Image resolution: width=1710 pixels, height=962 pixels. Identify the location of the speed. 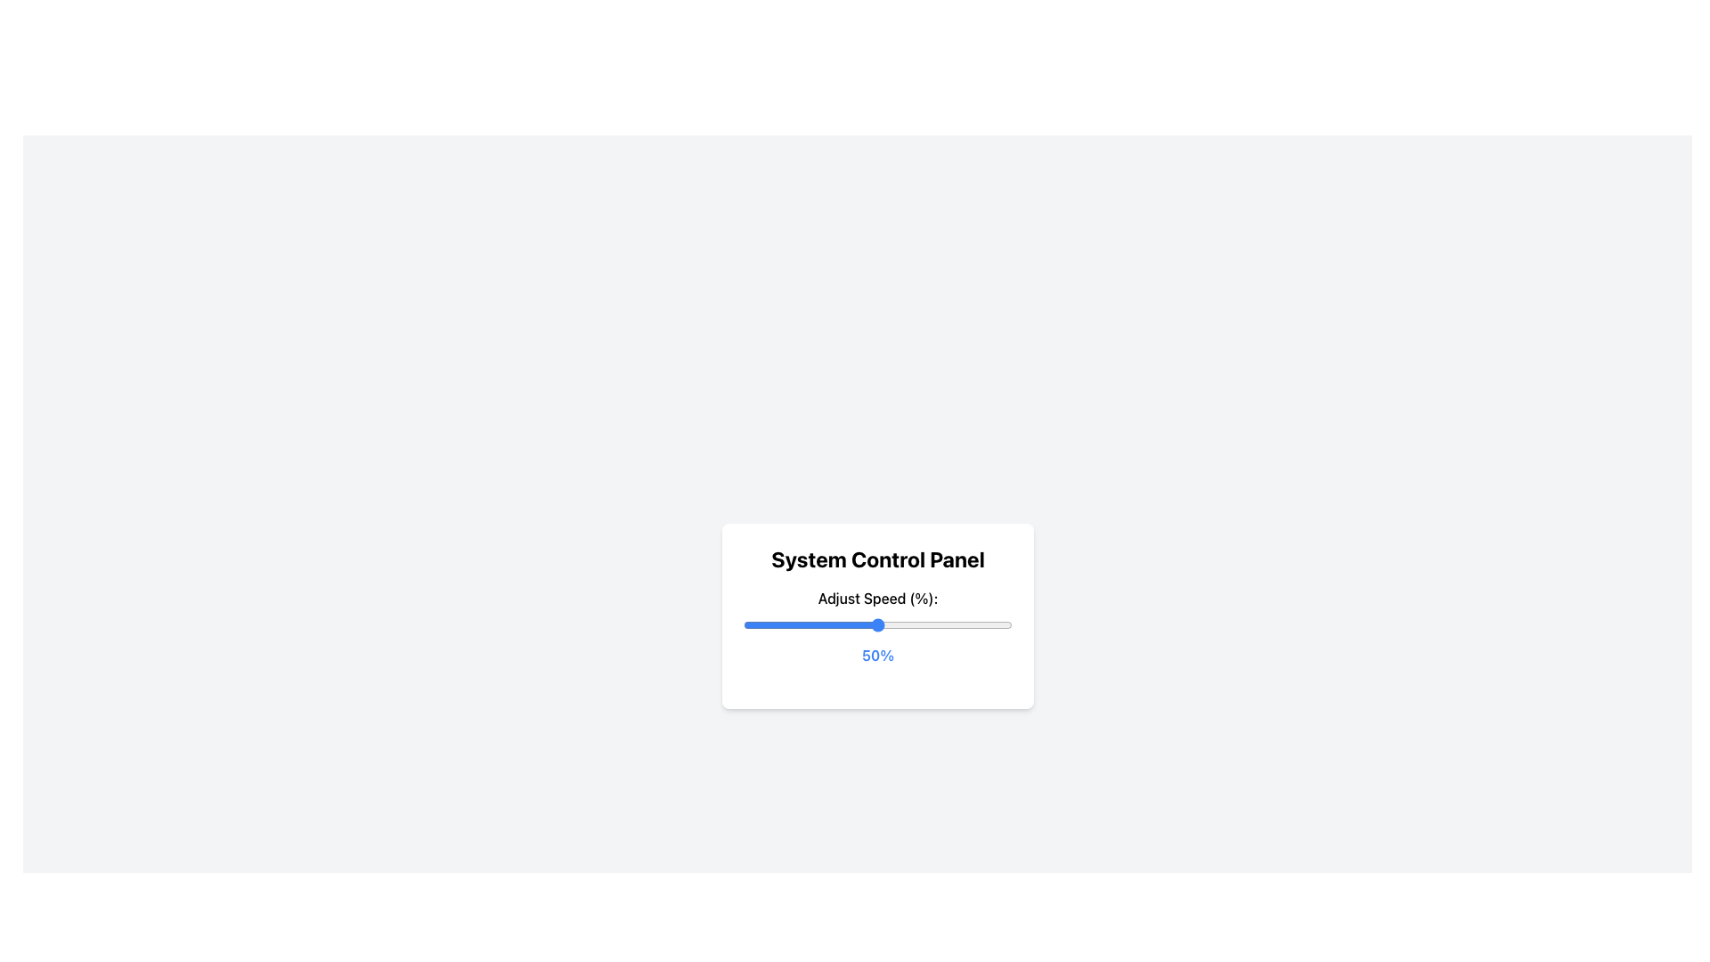
(939, 624).